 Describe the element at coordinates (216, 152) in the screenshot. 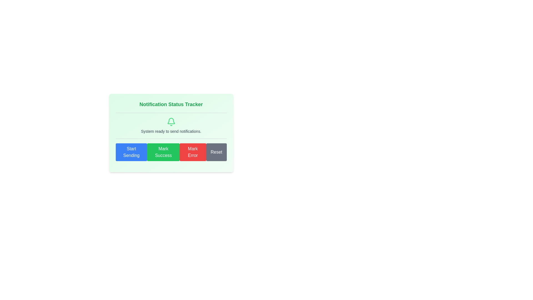

I see `the 'Reset' button, which is the fourth button in a series of four horizontally aligned buttons` at that location.